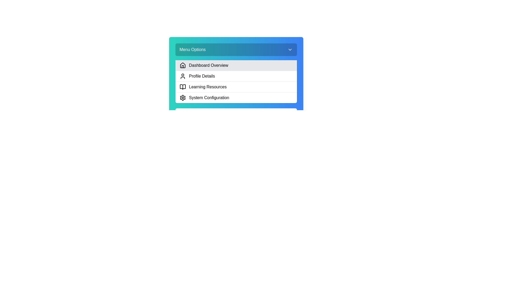  What do you see at coordinates (236, 83) in the screenshot?
I see `the third clickable menu item in the 'Menu Options' section` at bounding box center [236, 83].